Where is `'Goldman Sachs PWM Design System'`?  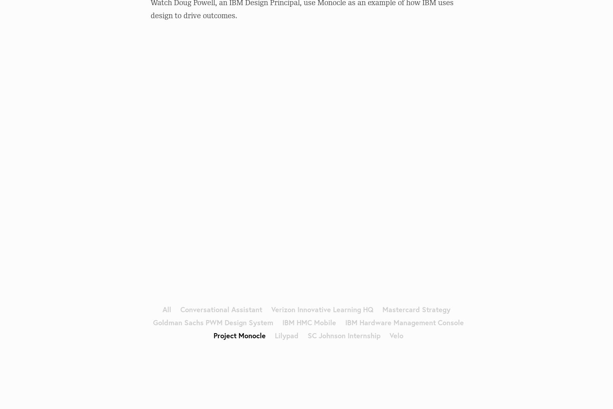
'Goldman Sachs PWM Design System' is located at coordinates (212, 321).